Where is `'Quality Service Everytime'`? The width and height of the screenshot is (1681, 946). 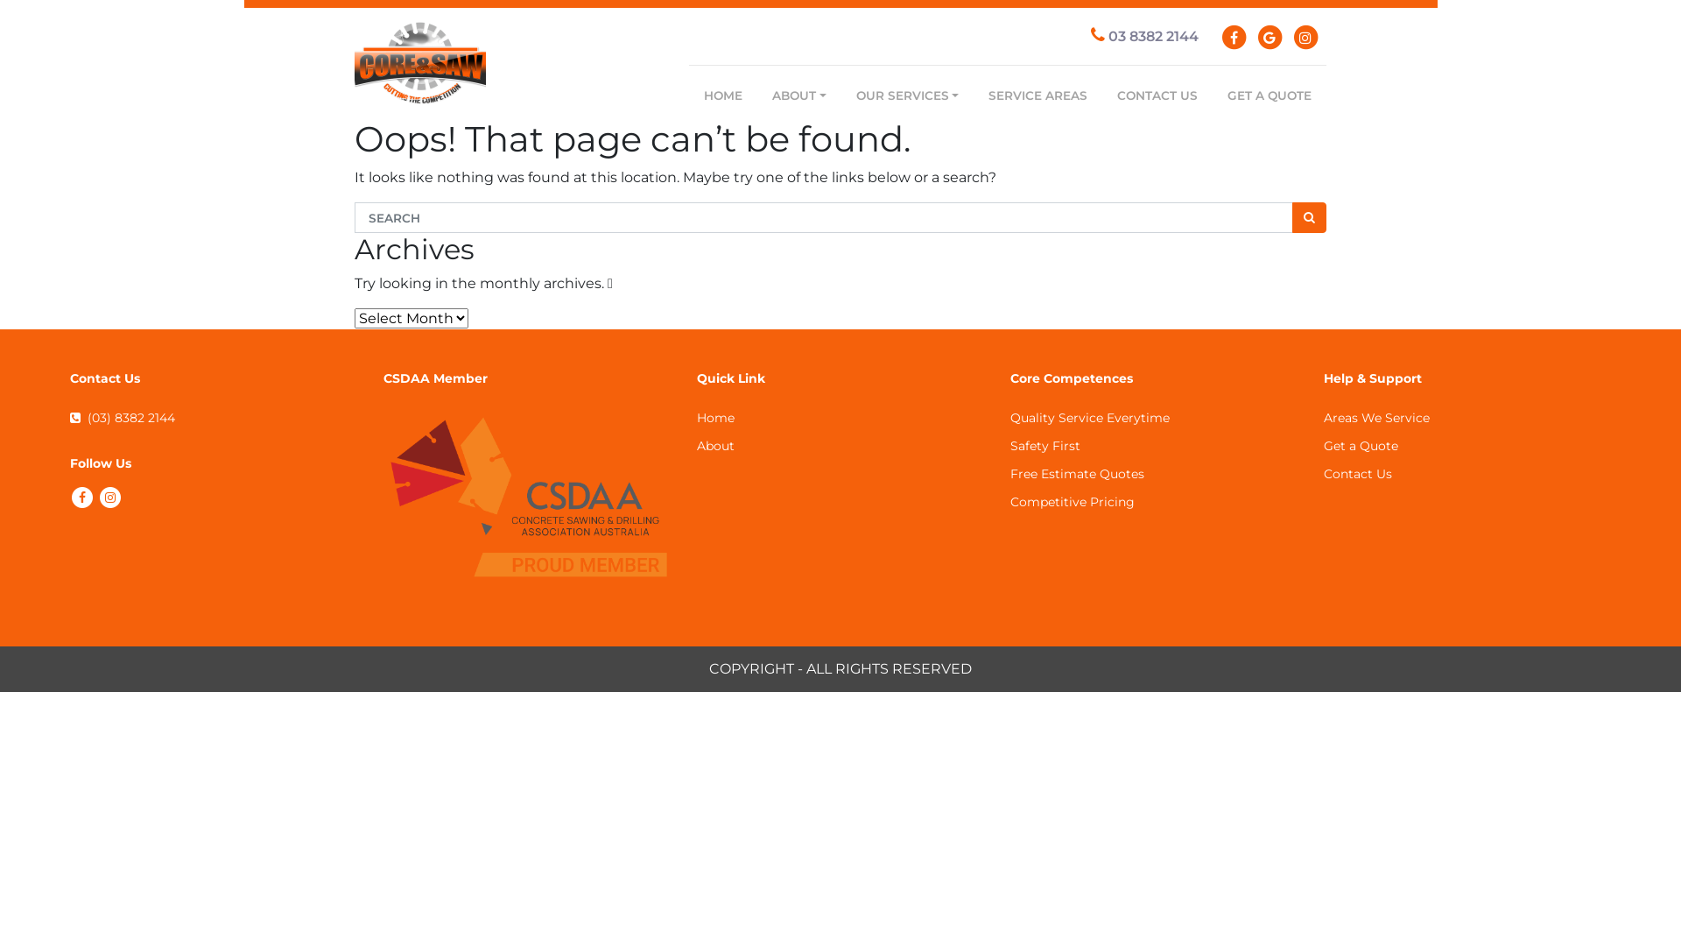
'Quality Service Everytime' is located at coordinates (1088, 418).